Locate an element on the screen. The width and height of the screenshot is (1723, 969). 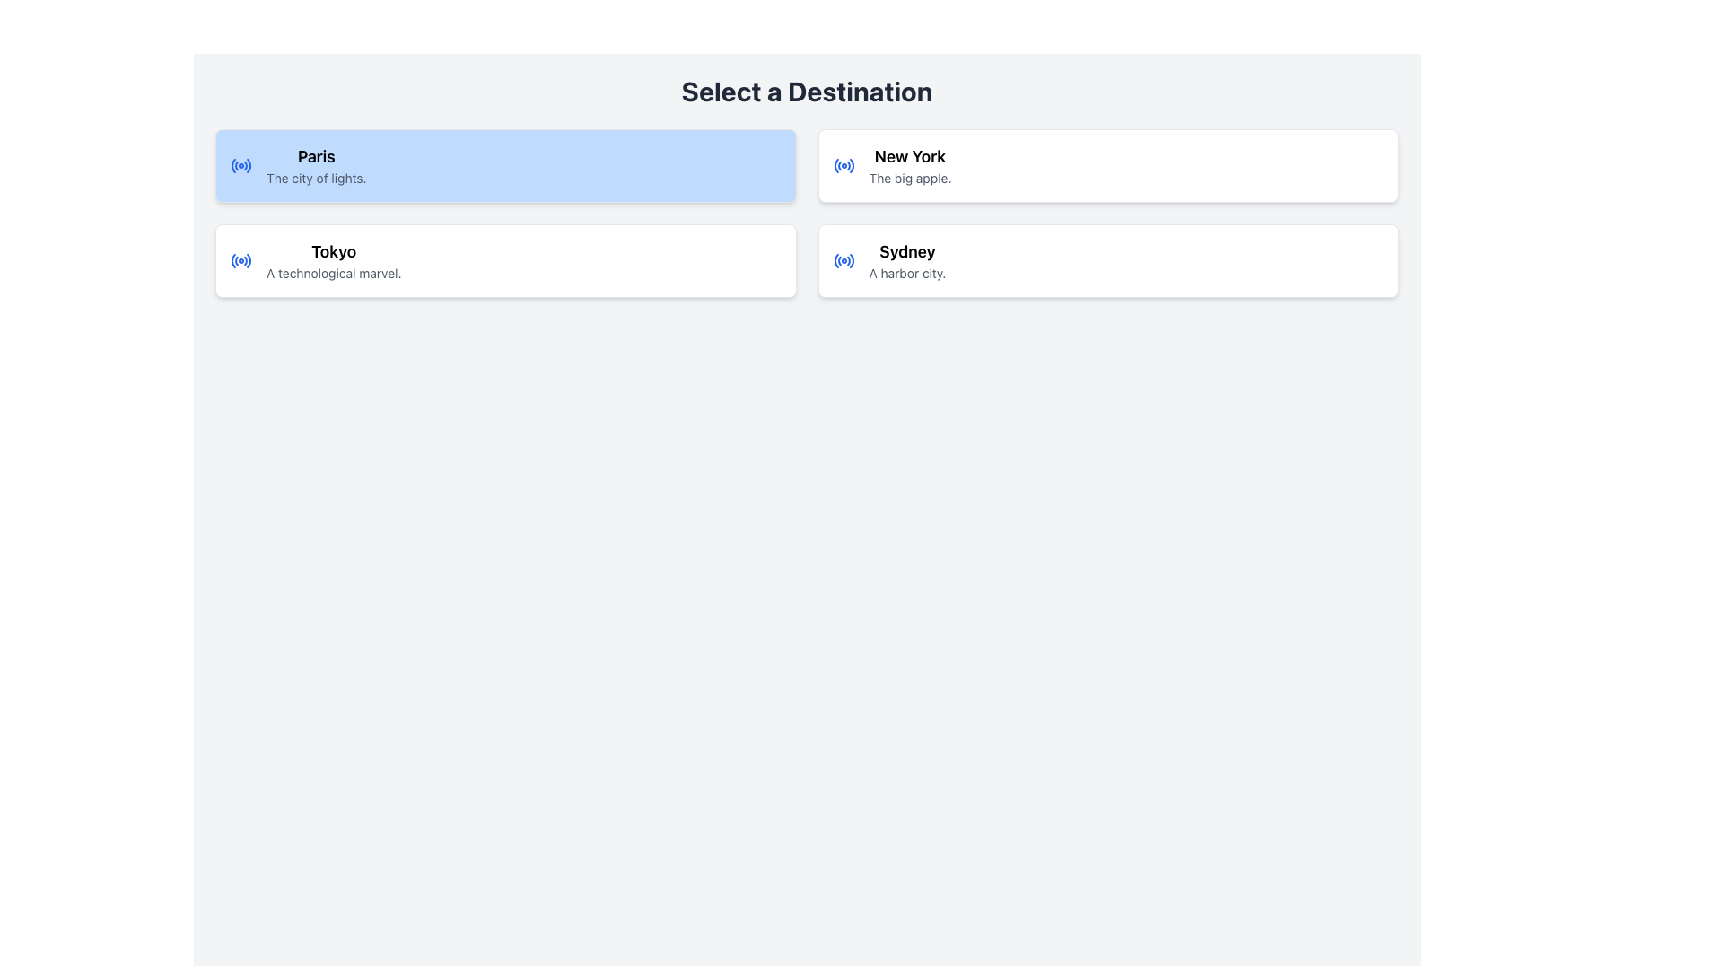
the text label that contains 'The city of lights.' styled in small gray font, located below the bold text 'Paris' in the blue-highlighted box is located at coordinates (316, 179).